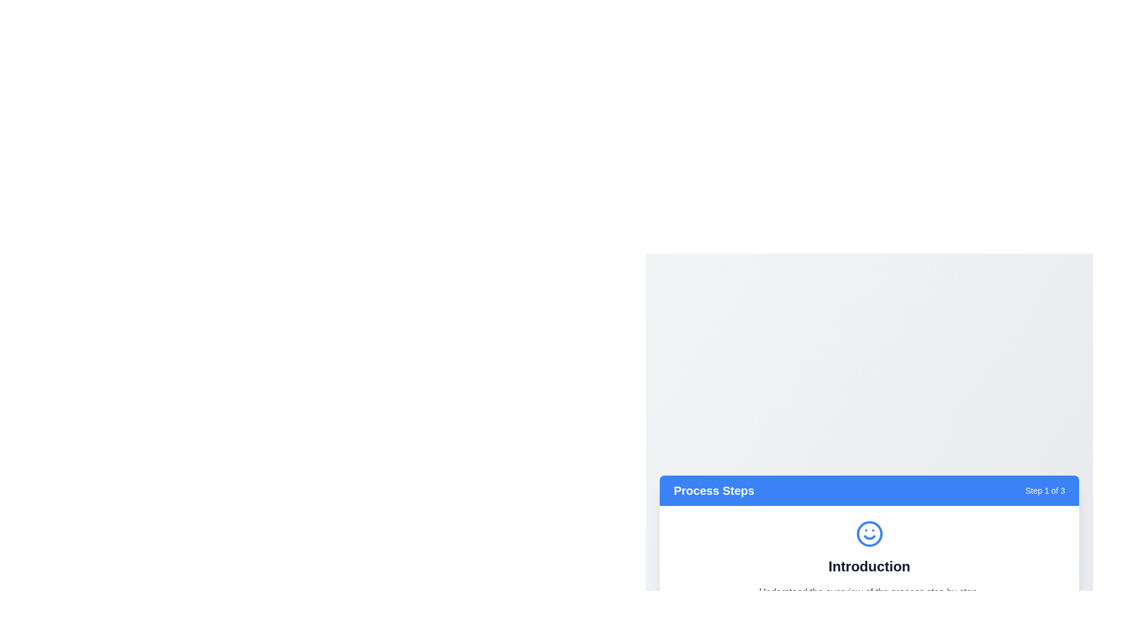 The width and height of the screenshot is (1123, 631). What do you see at coordinates (1045, 490) in the screenshot?
I see `the static text label displaying 'Step 1 of 3', which is located in the header section with a blue background` at bounding box center [1045, 490].